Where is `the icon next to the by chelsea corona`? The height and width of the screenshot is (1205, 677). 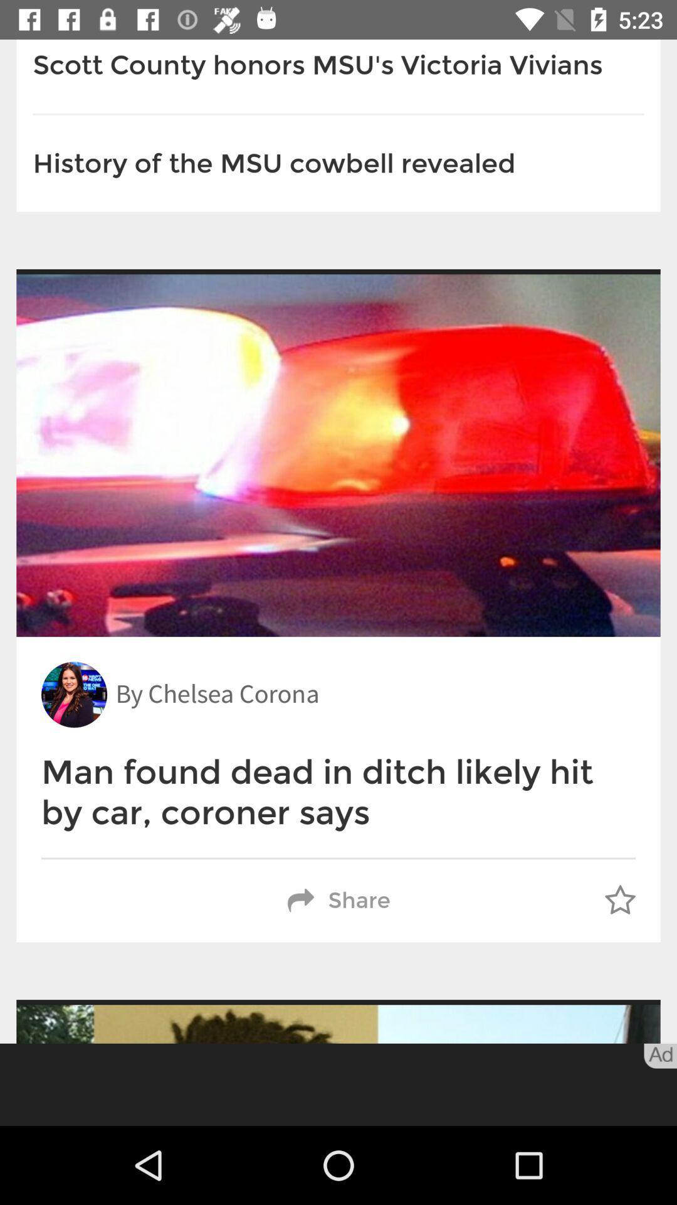 the icon next to the by chelsea corona is located at coordinates (74, 694).